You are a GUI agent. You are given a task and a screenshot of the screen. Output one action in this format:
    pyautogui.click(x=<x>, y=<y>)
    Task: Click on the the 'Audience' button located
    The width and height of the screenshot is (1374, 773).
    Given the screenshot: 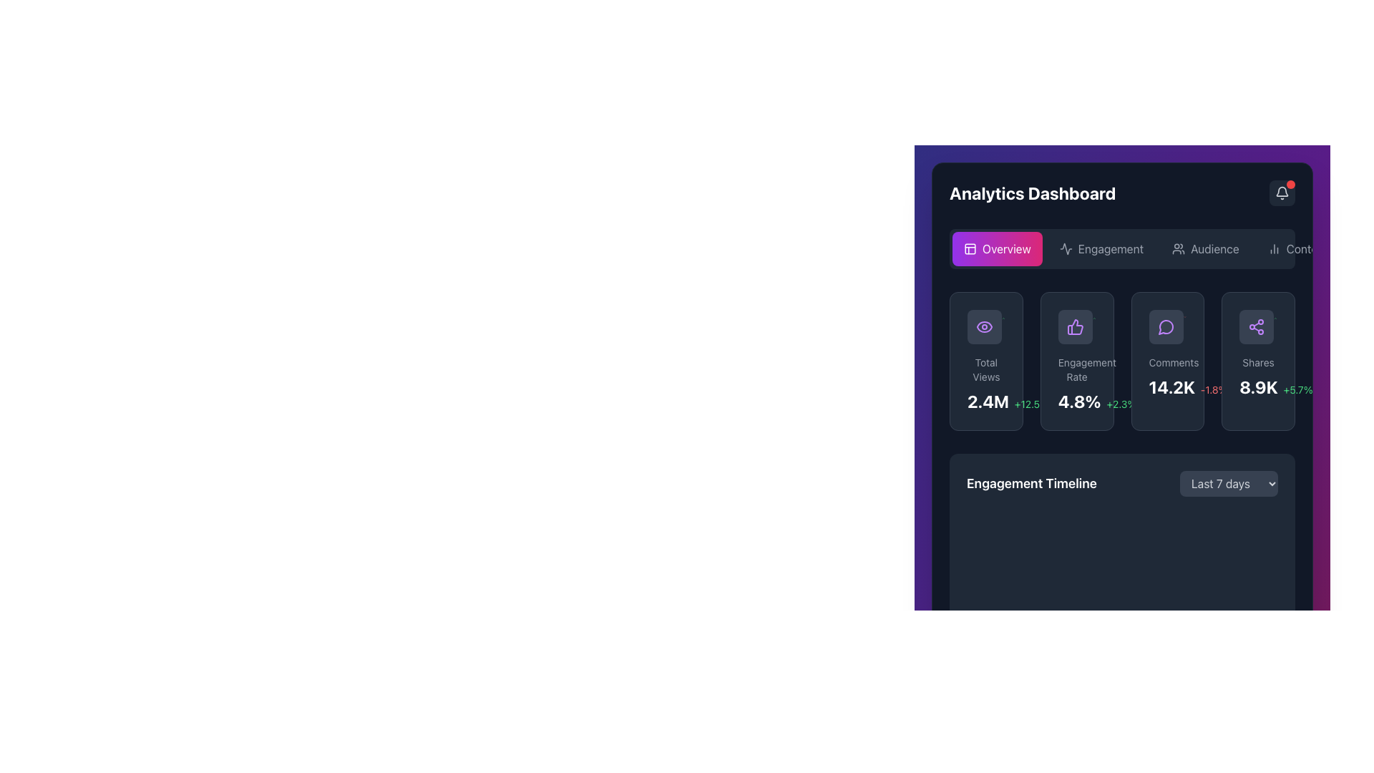 What is the action you would take?
    pyautogui.click(x=1214, y=248)
    